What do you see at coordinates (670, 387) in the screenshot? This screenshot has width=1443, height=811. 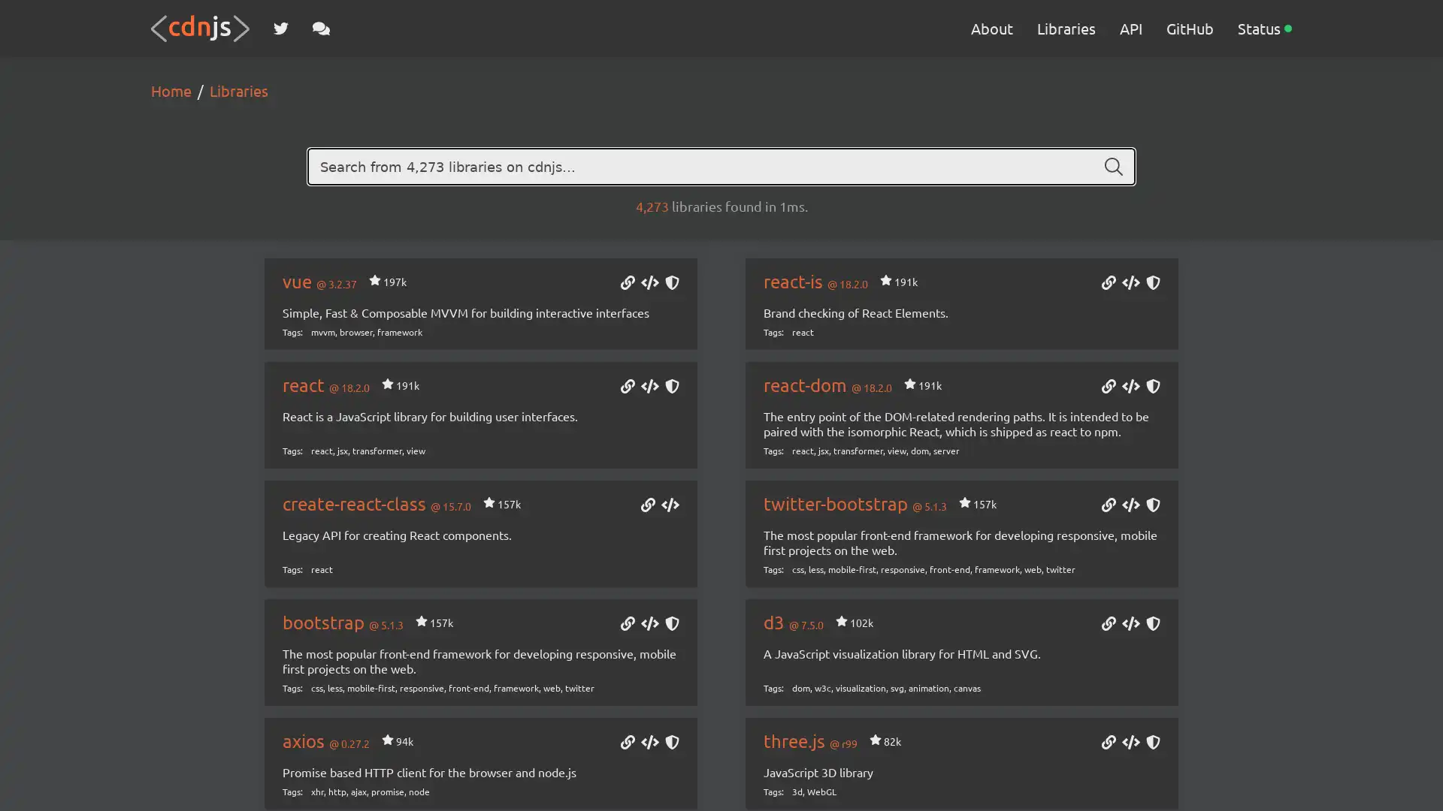 I see `Copy SRI Hash` at bounding box center [670, 387].